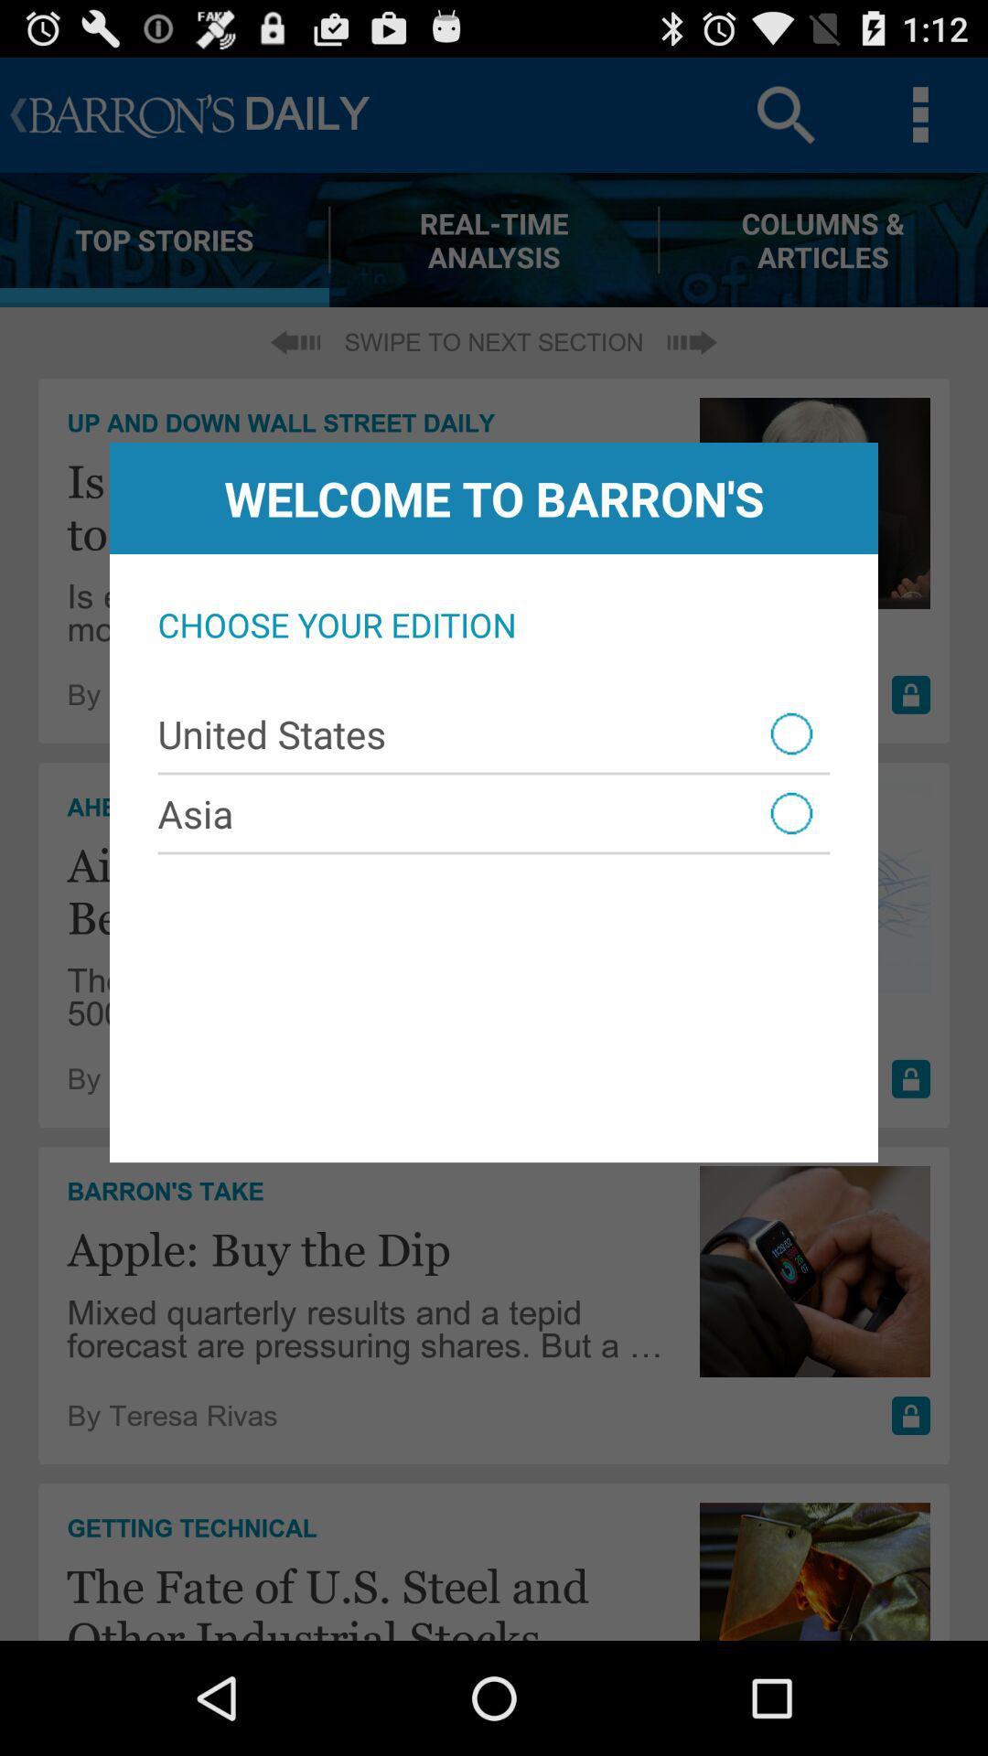 The height and width of the screenshot is (1756, 988). Describe the element at coordinates (494, 812) in the screenshot. I see `the asia icon` at that location.